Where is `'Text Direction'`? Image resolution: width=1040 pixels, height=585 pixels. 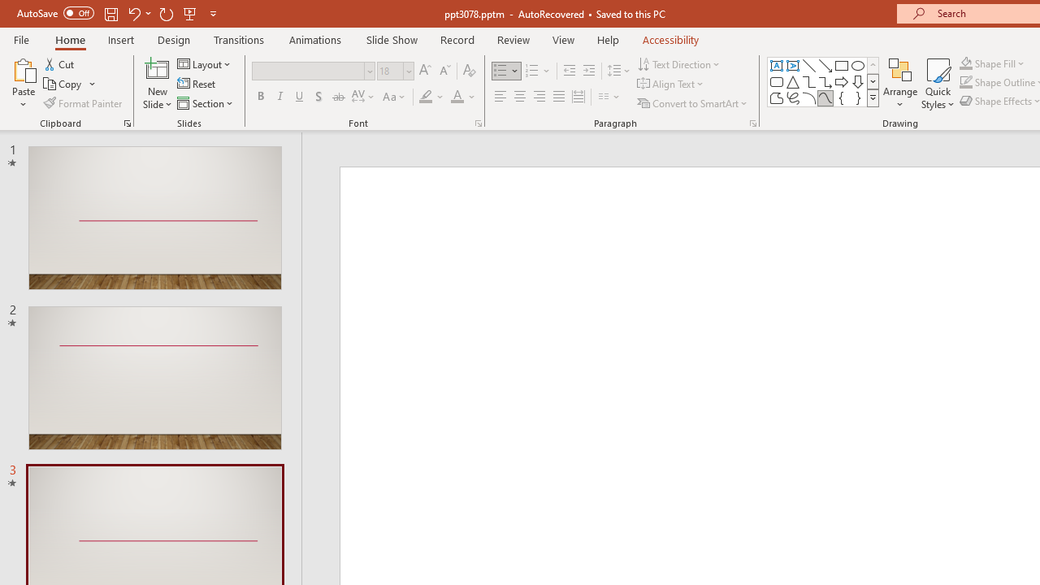
'Text Direction' is located at coordinates (680, 63).